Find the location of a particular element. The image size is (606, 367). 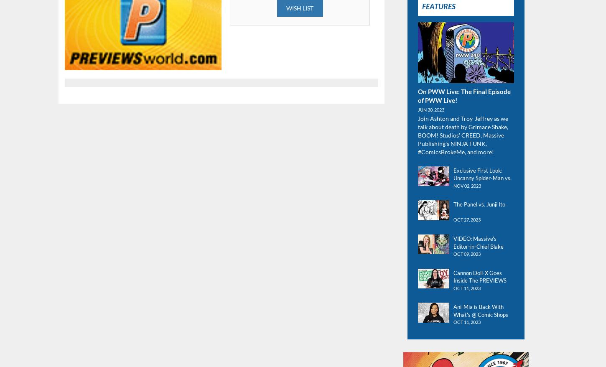

'Jun 30, 2023' is located at coordinates (418, 109).